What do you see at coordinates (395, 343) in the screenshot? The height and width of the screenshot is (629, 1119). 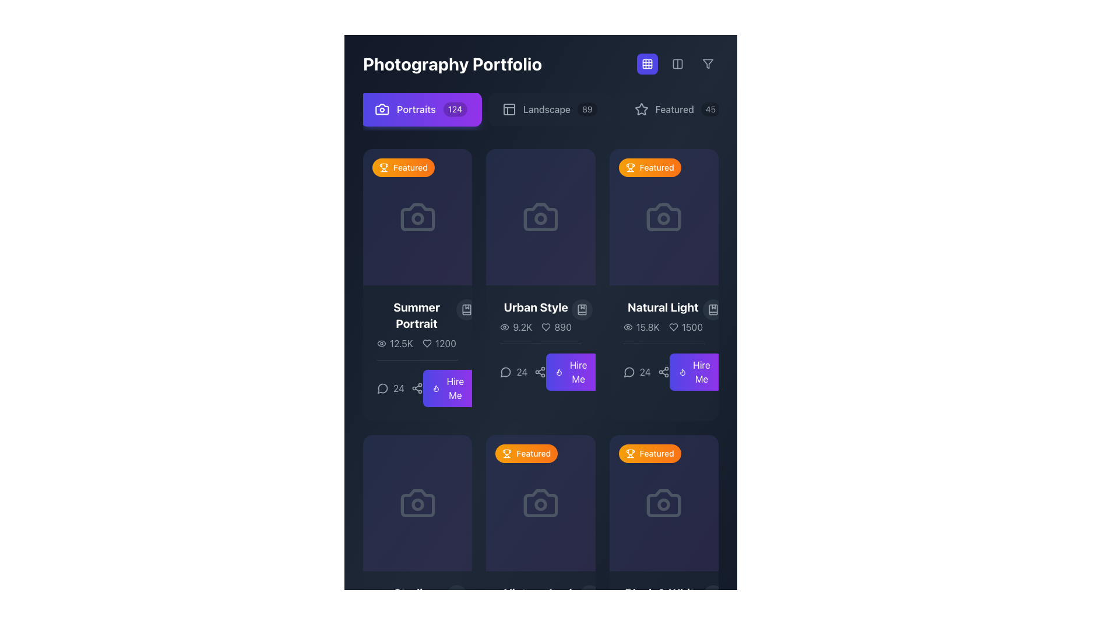 I see `the view count label '12.5K' next to the eye icon in the bottom part of the first card labeled 'Summer Portrait' to associate the view count with the corresponding card` at bounding box center [395, 343].